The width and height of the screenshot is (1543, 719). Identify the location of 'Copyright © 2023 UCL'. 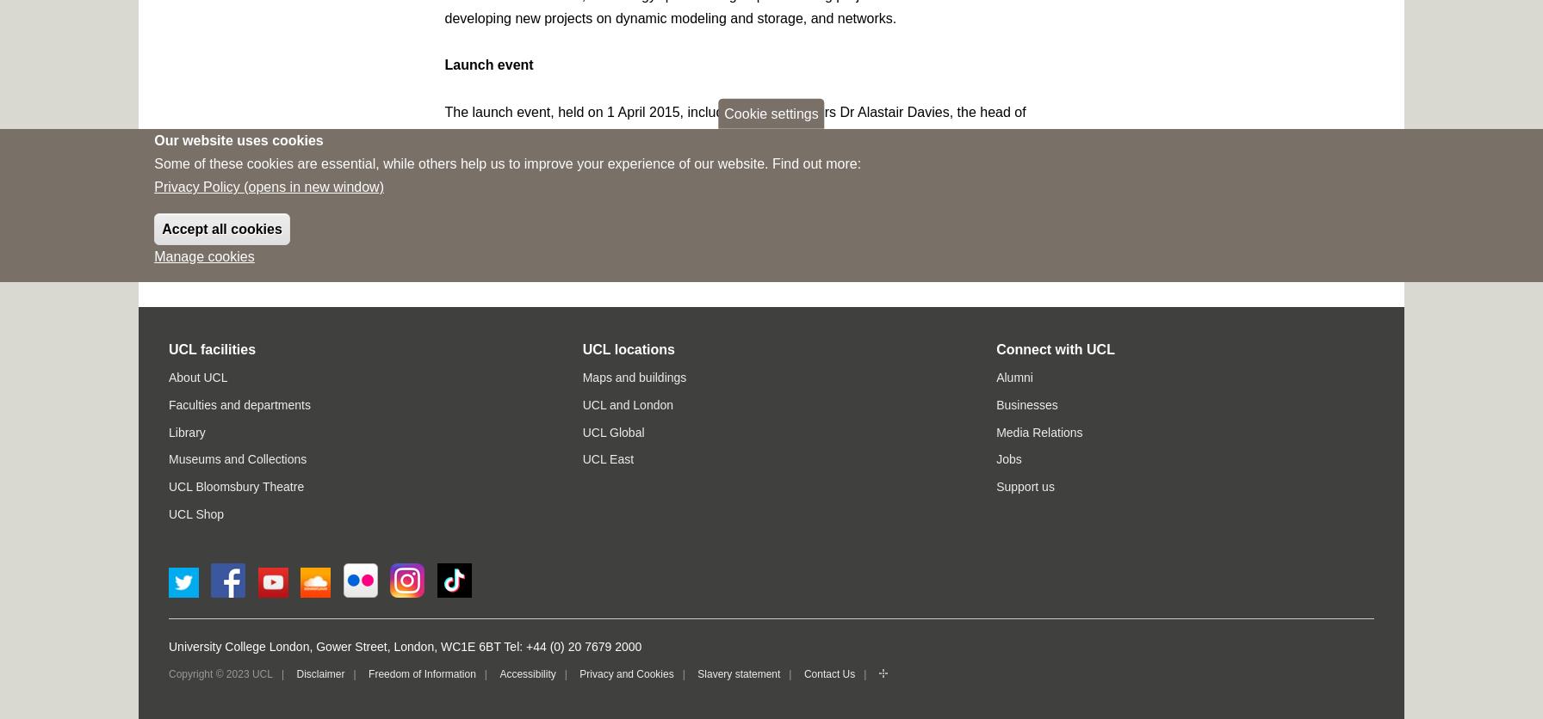
(220, 672).